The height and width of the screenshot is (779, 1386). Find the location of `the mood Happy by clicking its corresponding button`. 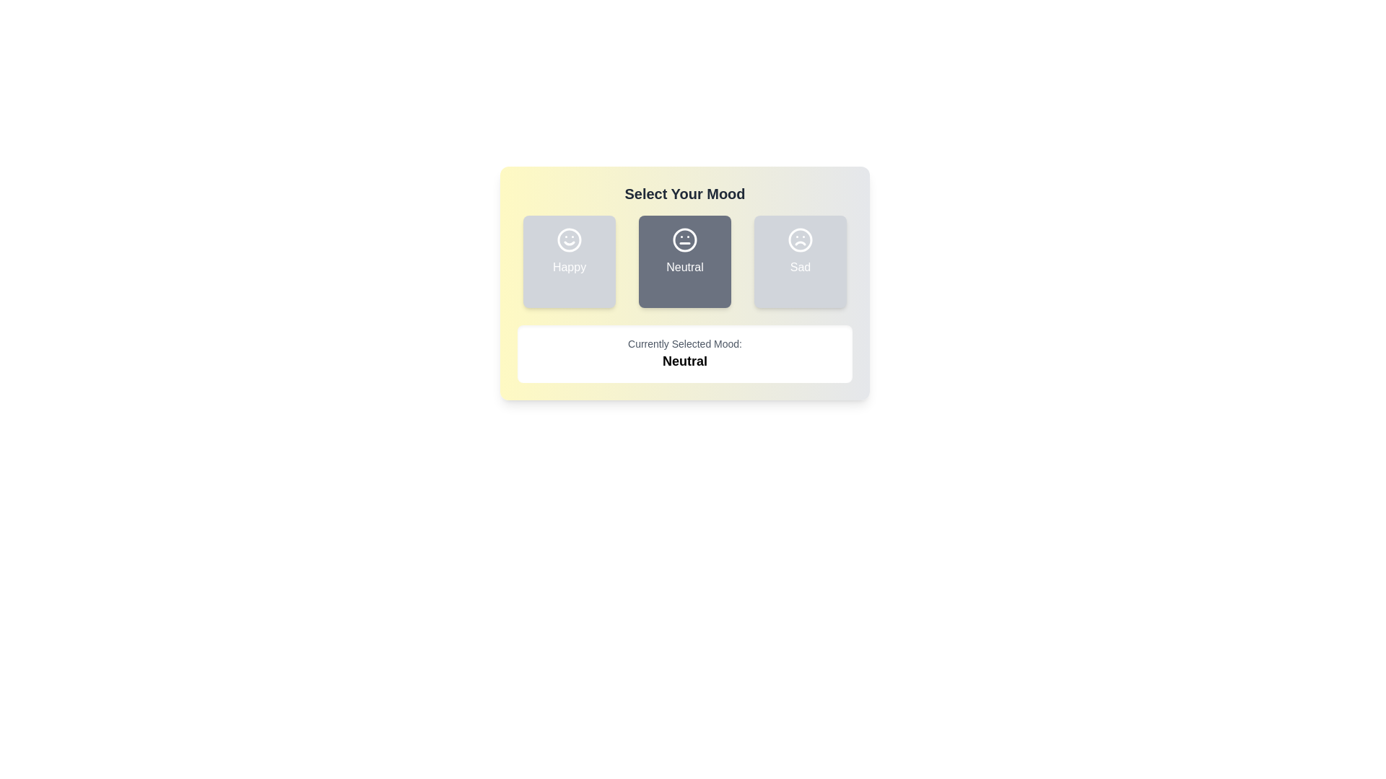

the mood Happy by clicking its corresponding button is located at coordinates (568, 261).